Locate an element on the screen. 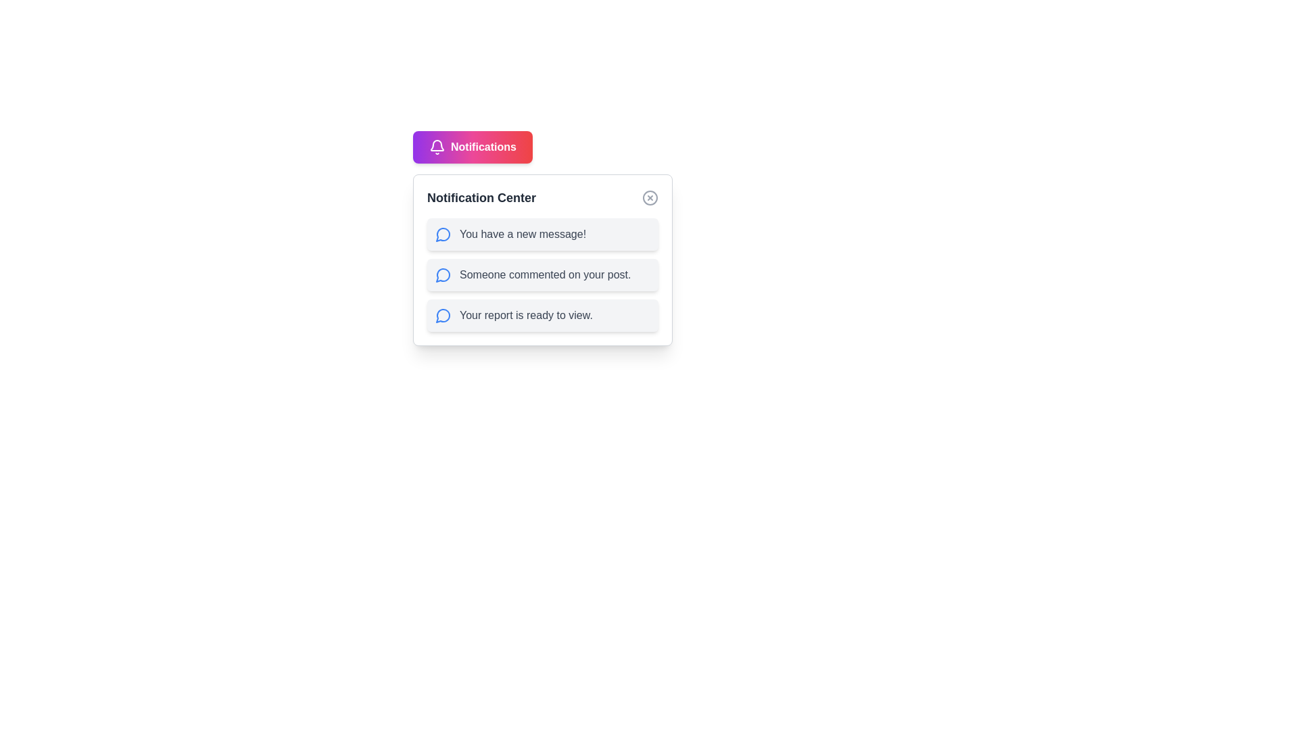 This screenshot has width=1298, height=730. notification text located in the second notification card of the 'Notification Center' panel, positioned to the right of the message bubble icon is located at coordinates (545, 274).